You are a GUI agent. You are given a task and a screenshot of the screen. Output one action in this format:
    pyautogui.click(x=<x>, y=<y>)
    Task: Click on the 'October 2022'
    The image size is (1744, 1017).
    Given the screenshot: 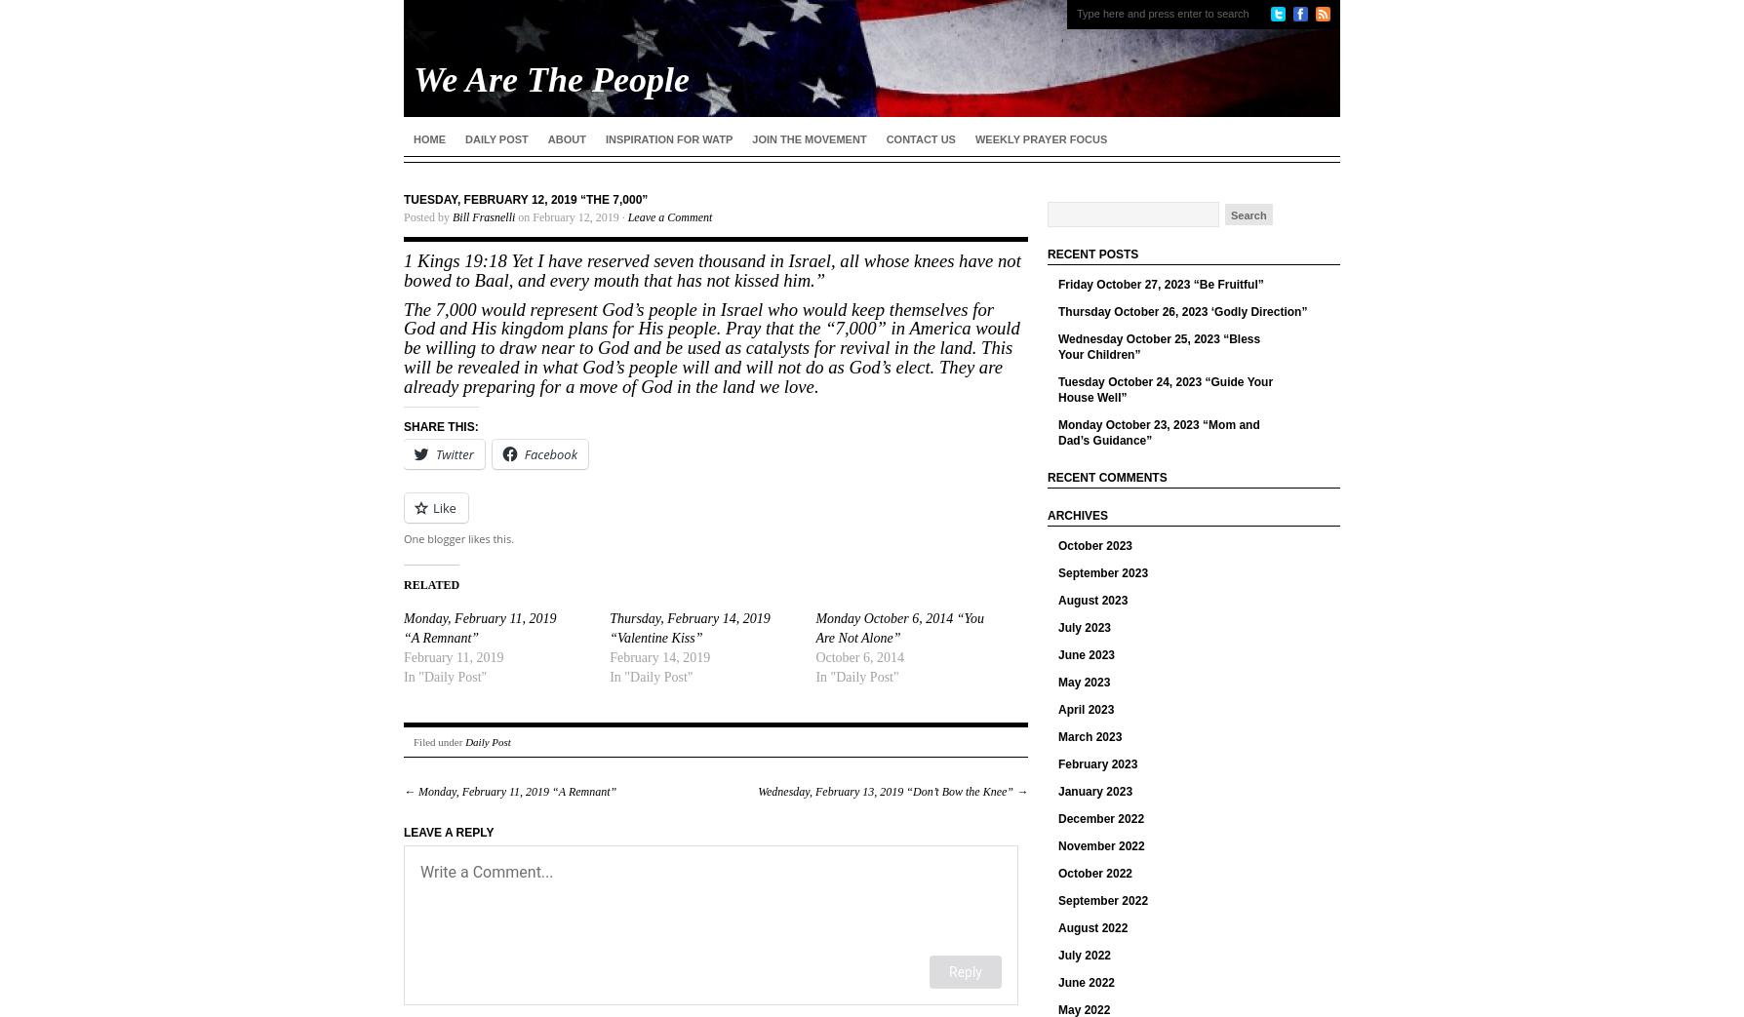 What is the action you would take?
    pyautogui.click(x=1094, y=873)
    